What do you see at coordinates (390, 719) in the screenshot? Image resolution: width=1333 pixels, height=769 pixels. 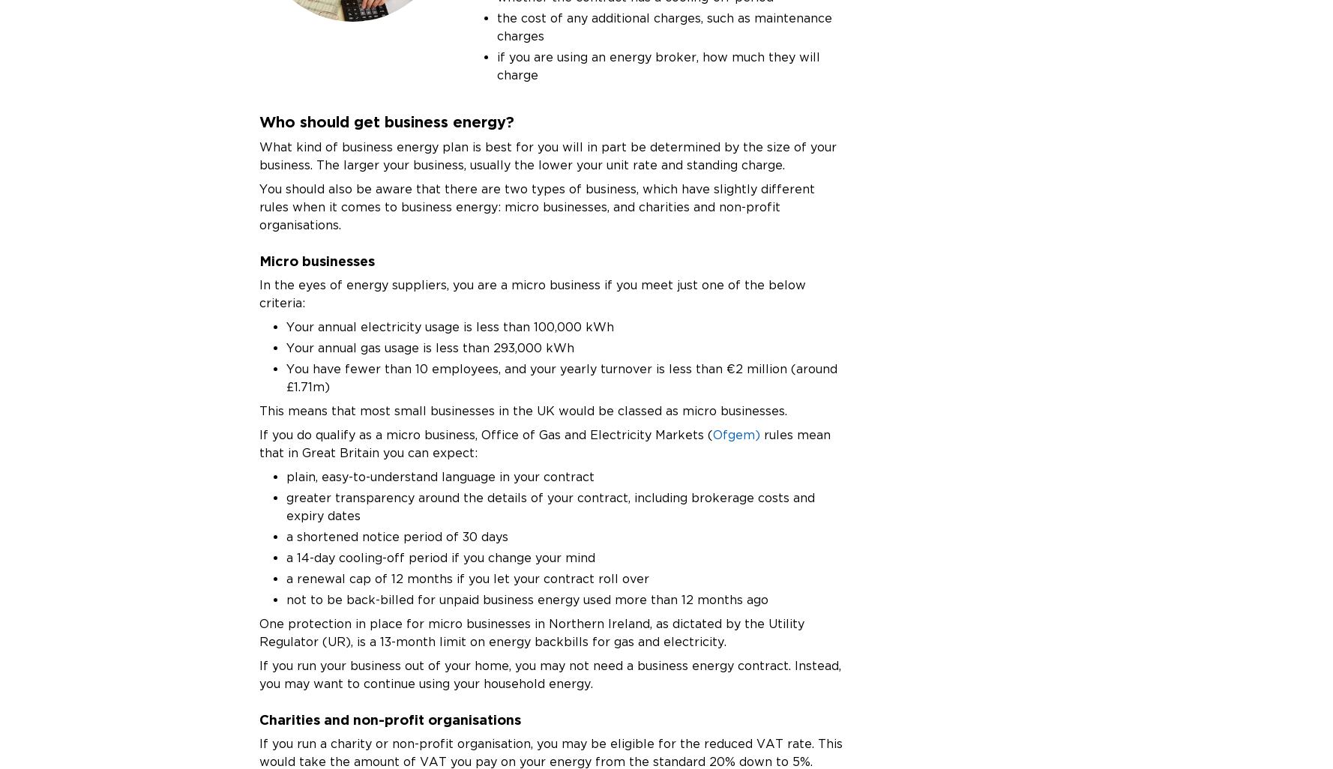 I see `'Charities and non-profit organisations'` at bounding box center [390, 719].